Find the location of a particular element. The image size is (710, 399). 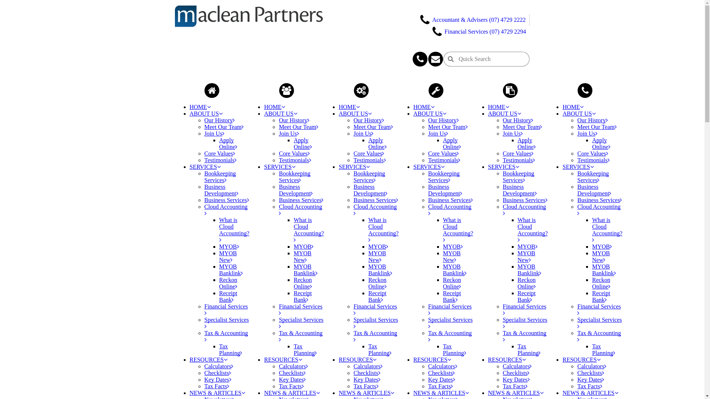

'Specialist Services' is located at coordinates (226, 323).